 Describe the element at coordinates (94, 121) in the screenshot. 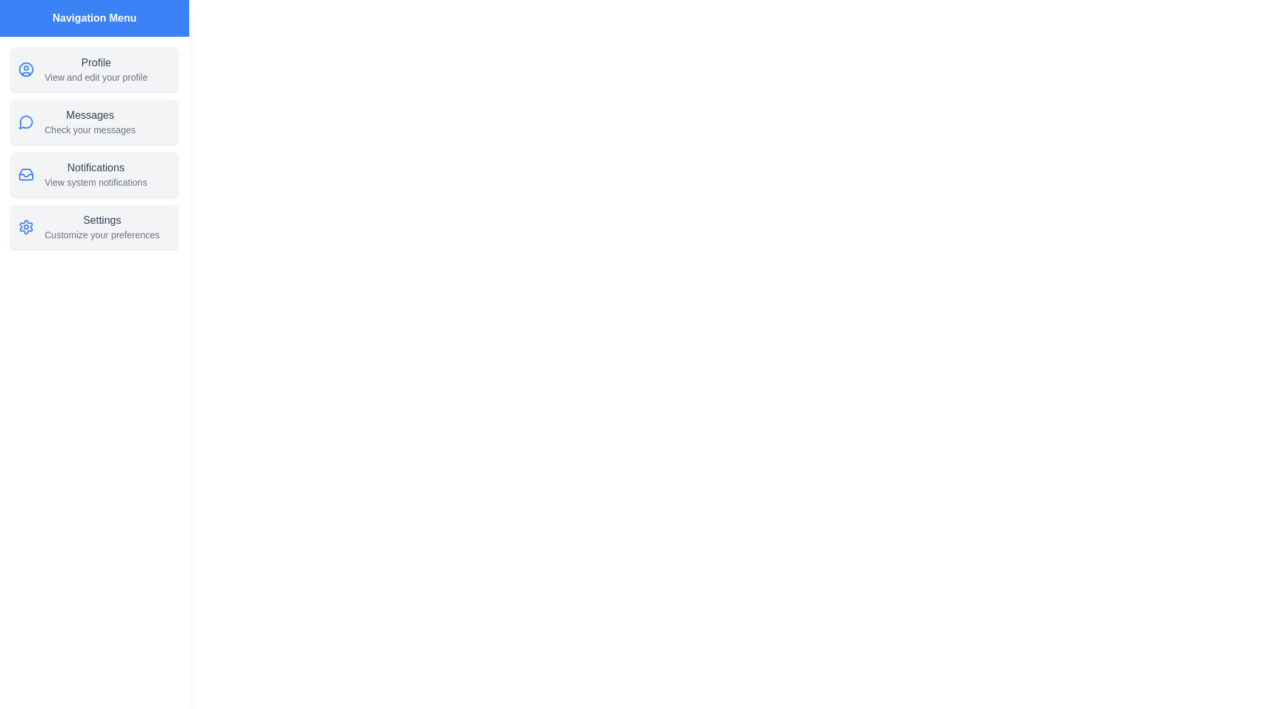

I see `the Messages to view its details` at that location.